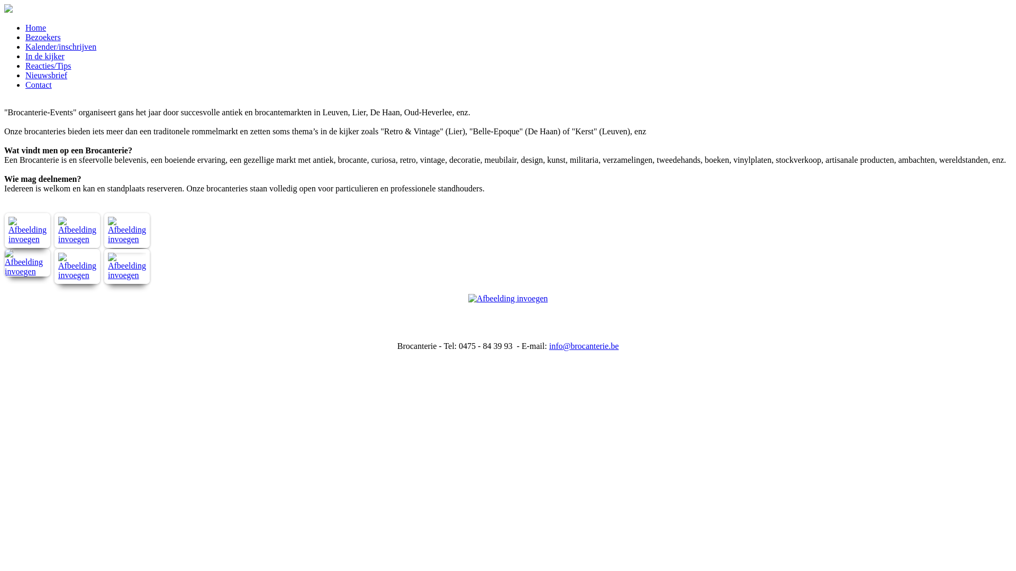 The height and width of the screenshot is (571, 1016). What do you see at coordinates (35, 27) in the screenshot?
I see `'Home'` at bounding box center [35, 27].